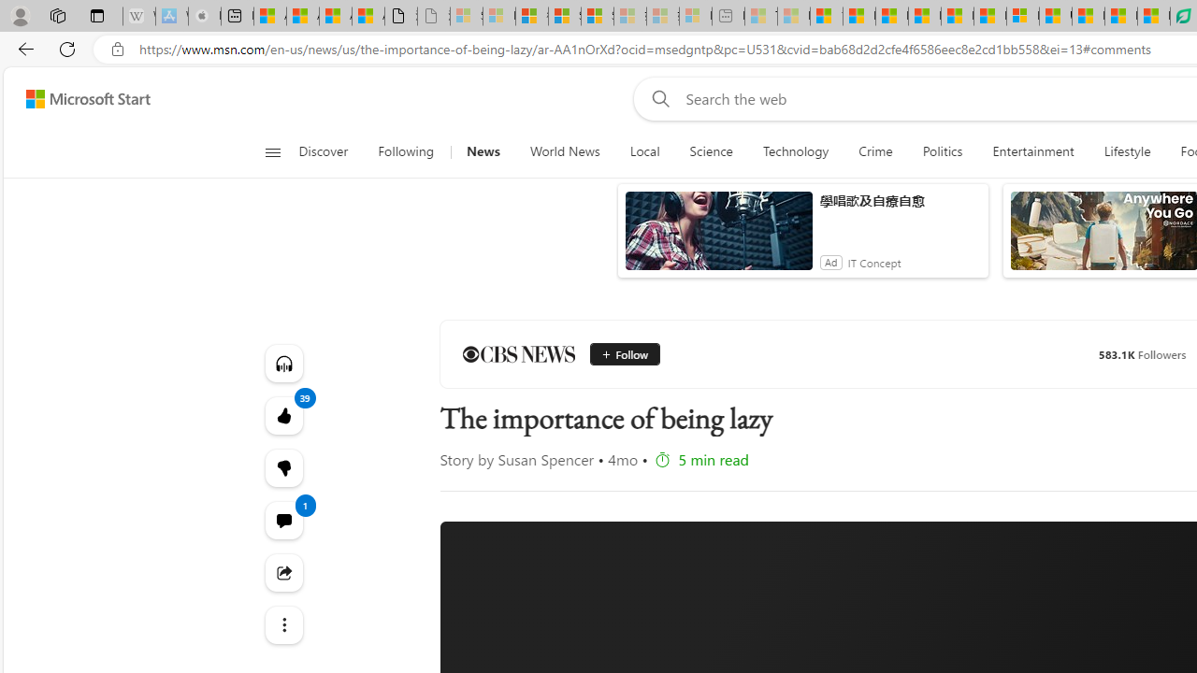  What do you see at coordinates (467, 16) in the screenshot?
I see `'Sign in to your Microsoft account - Sleeping'` at bounding box center [467, 16].